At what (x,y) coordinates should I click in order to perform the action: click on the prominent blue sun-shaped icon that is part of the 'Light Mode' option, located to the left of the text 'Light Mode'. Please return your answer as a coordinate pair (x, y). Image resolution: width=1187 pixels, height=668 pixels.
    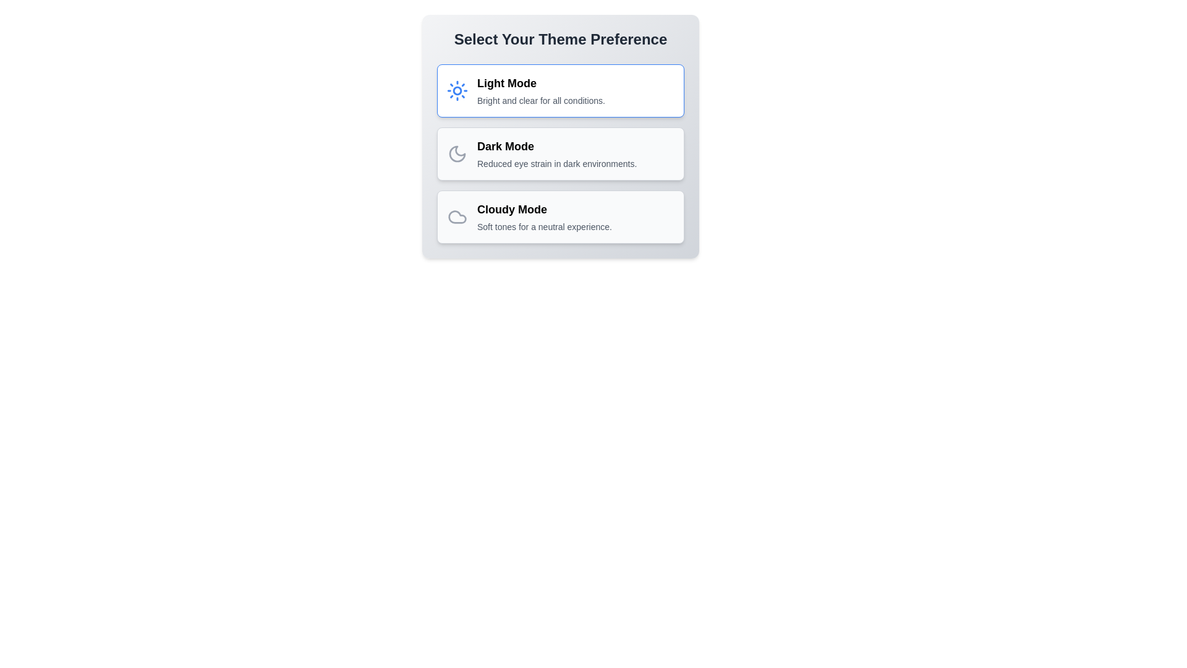
    Looking at the image, I should click on (456, 90).